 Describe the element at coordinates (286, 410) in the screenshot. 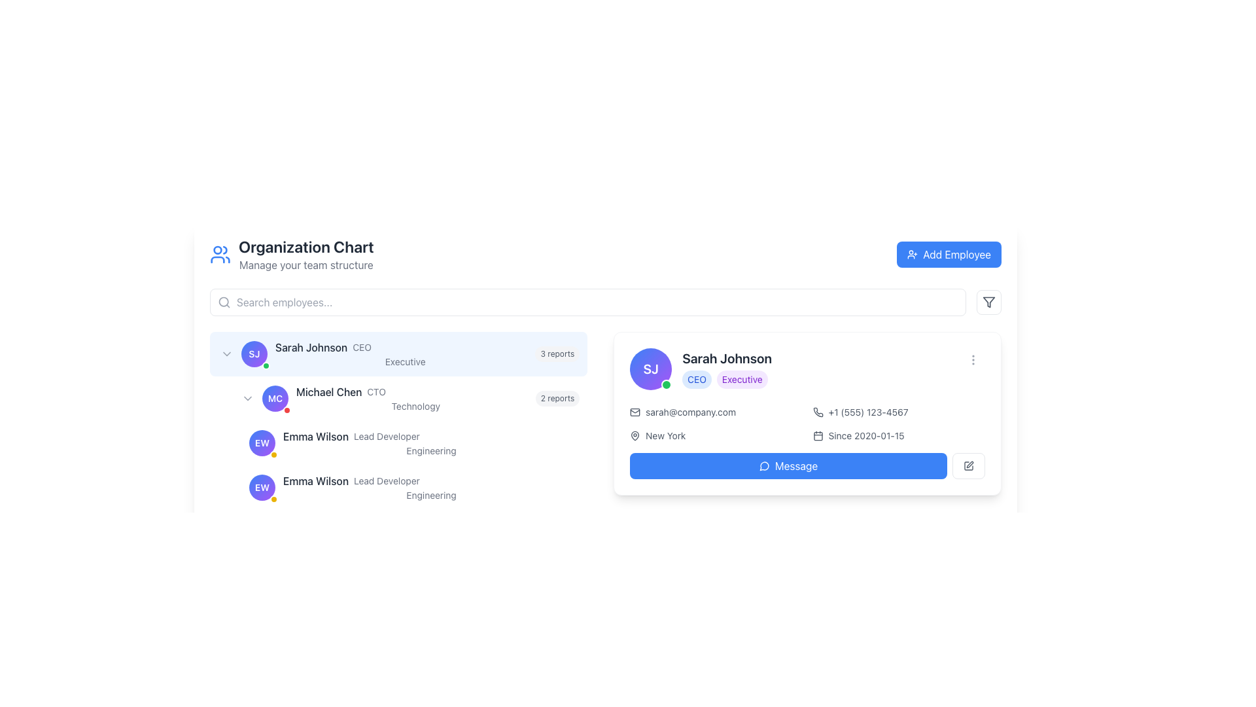

I see `the status notification badge located at the bottom-right corner of the 'MC' badge in the organization chart under 'Michael Chen' as the CTO` at that location.